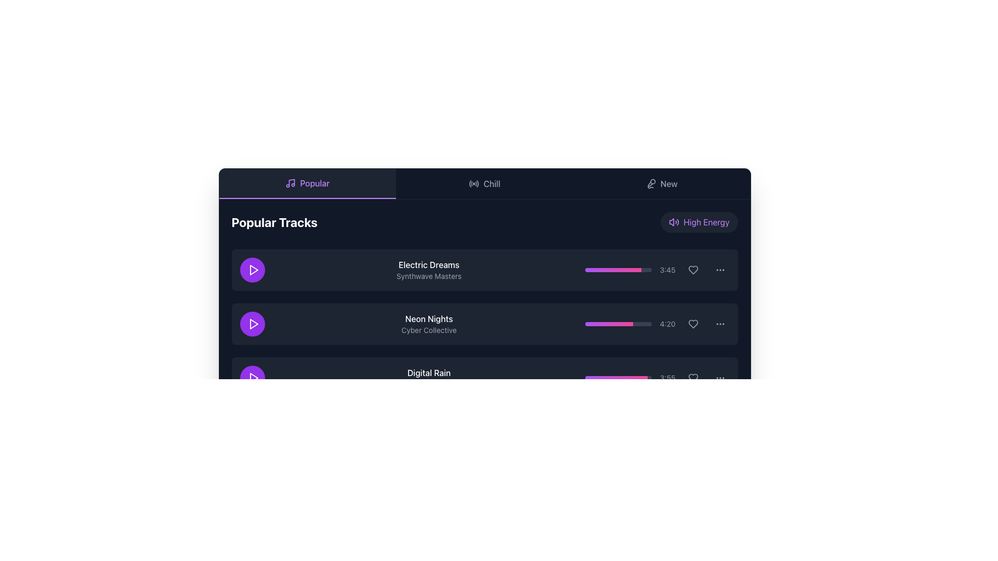 This screenshot has height=561, width=998. Describe the element at coordinates (253, 378) in the screenshot. I see `the triangular play button icon, which is white and set against a purple circular background, located on the left side of the third item in the 'Popular Tracks' list` at that location.